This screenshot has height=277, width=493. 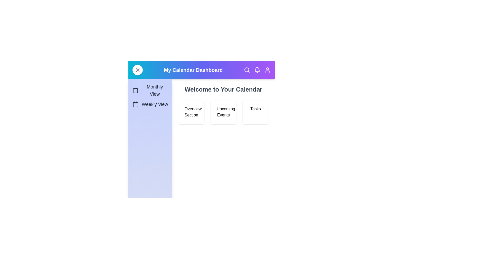 What do you see at coordinates (150, 90) in the screenshot?
I see `the 'Monthly View' navigation menu item, which is the first option in the vertical navigation menu on the left side of the interface` at bounding box center [150, 90].